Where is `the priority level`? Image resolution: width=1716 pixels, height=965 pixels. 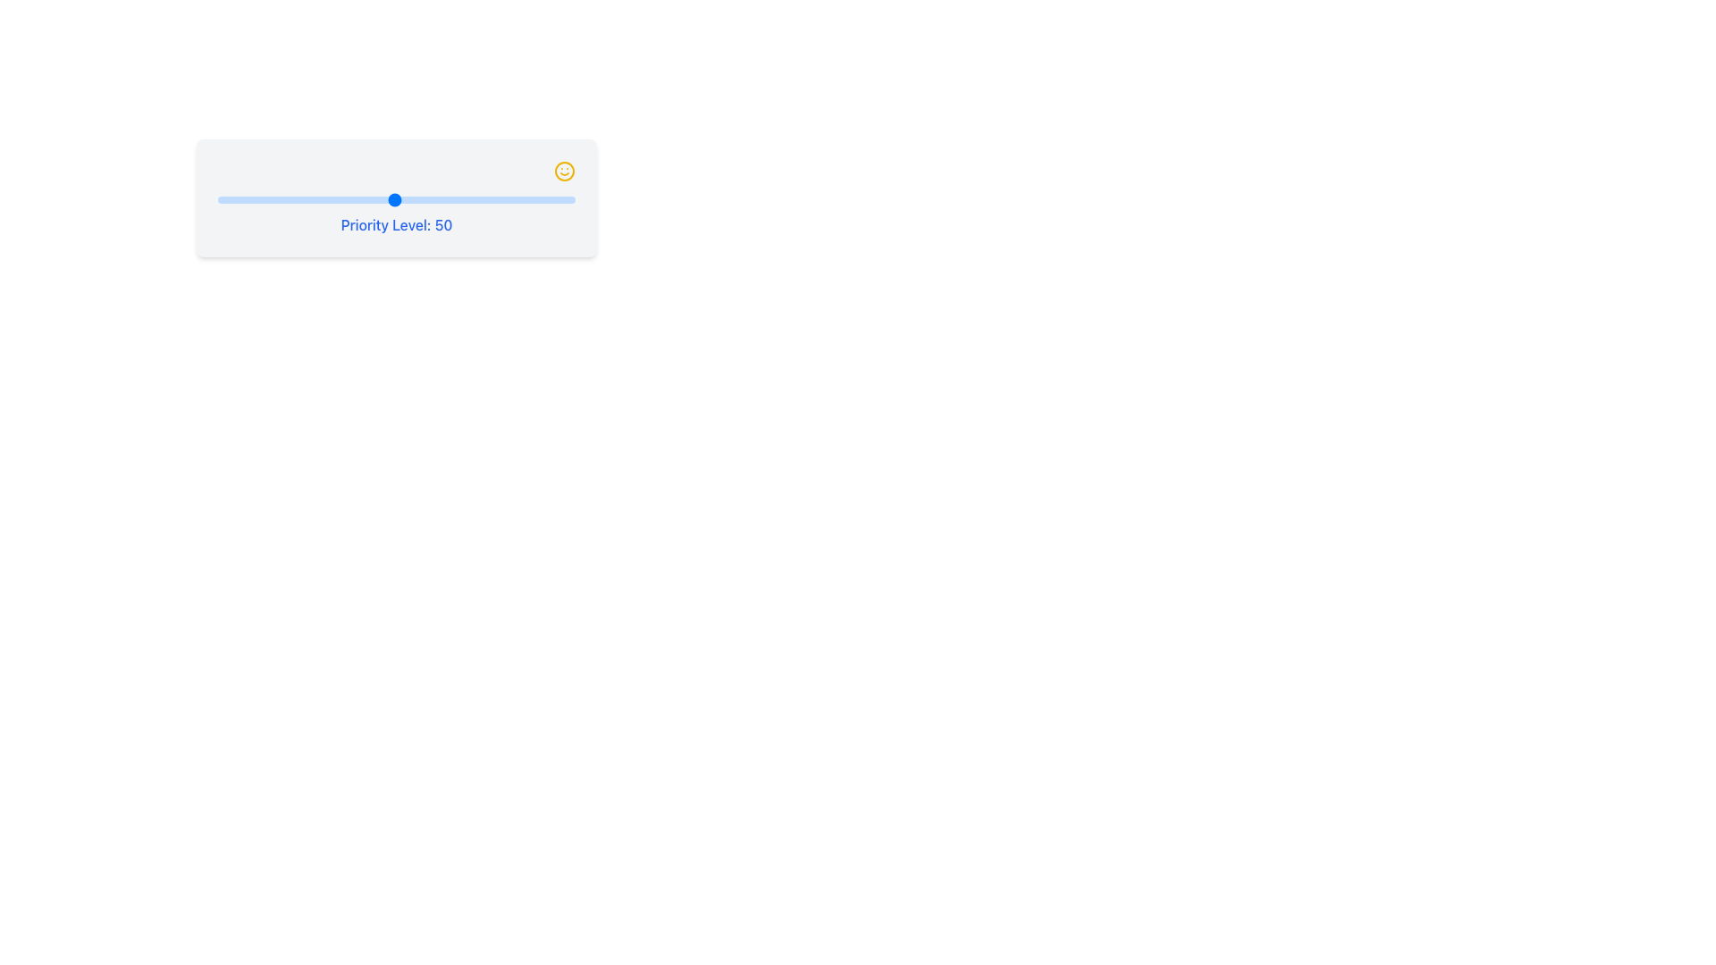
the priority level is located at coordinates (286, 199).